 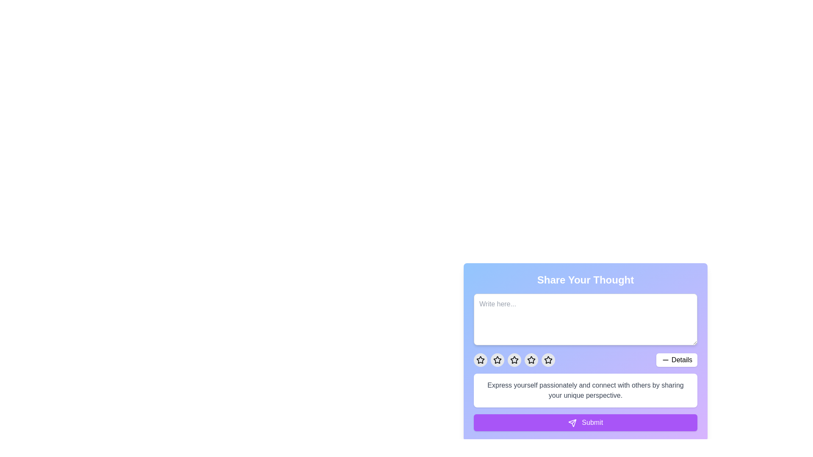 I want to click on the Text Label that displays motivational text, located centrally within a rounded rectangle box in the 'Share Your Thought' section, so click(x=585, y=390).